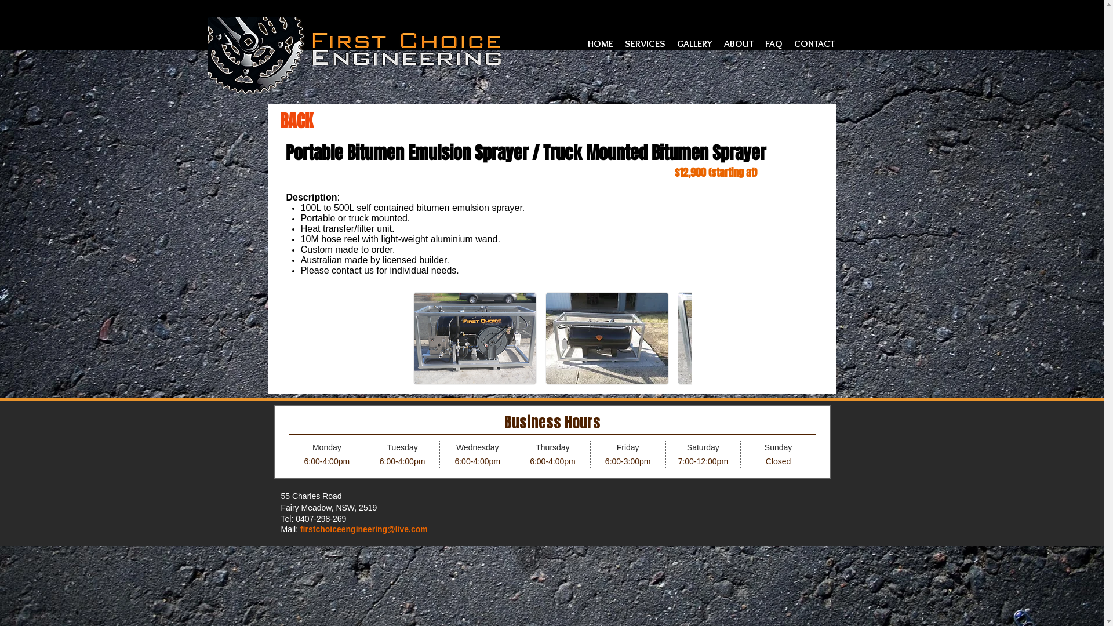  Describe the element at coordinates (737, 42) in the screenshot. I see `'ABOUT'` at that location.